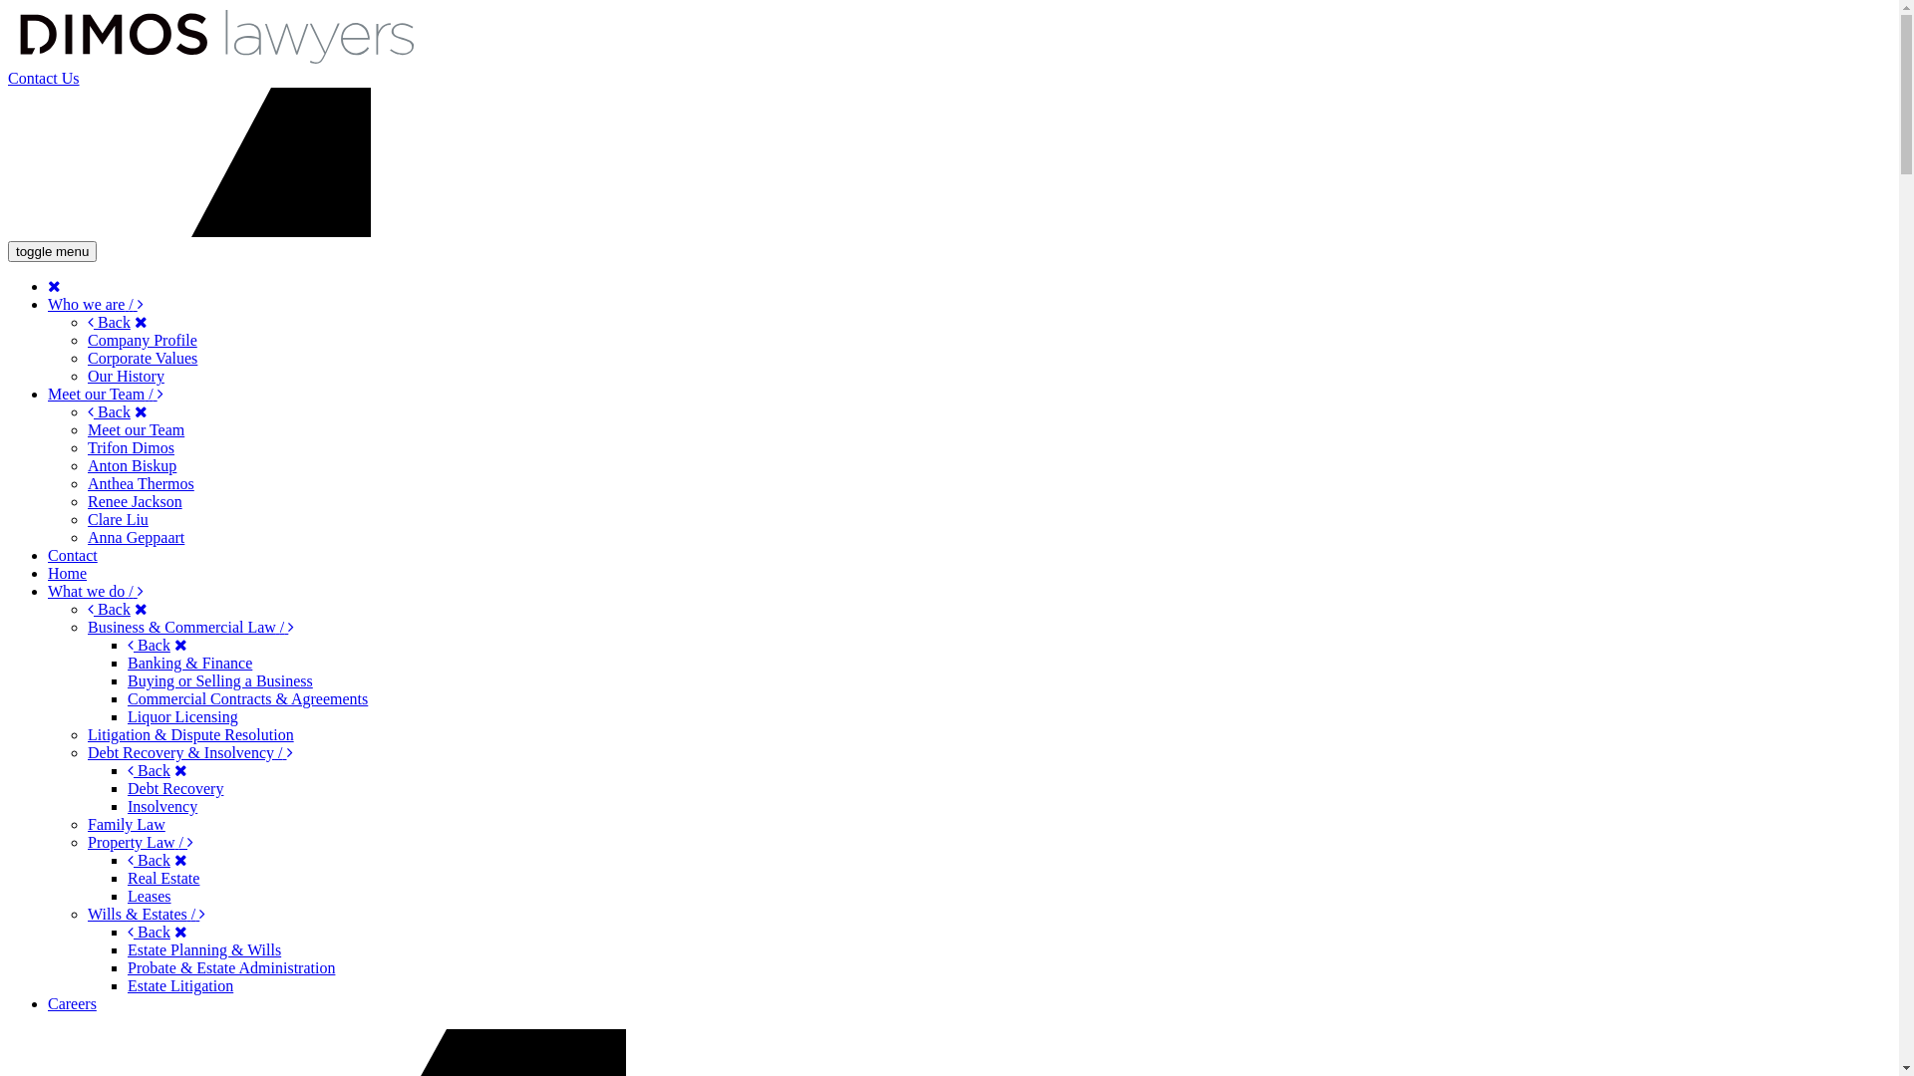 This screenshot has height=1076, width=1914. I want to click on 'Careers', so click(72, 1003).